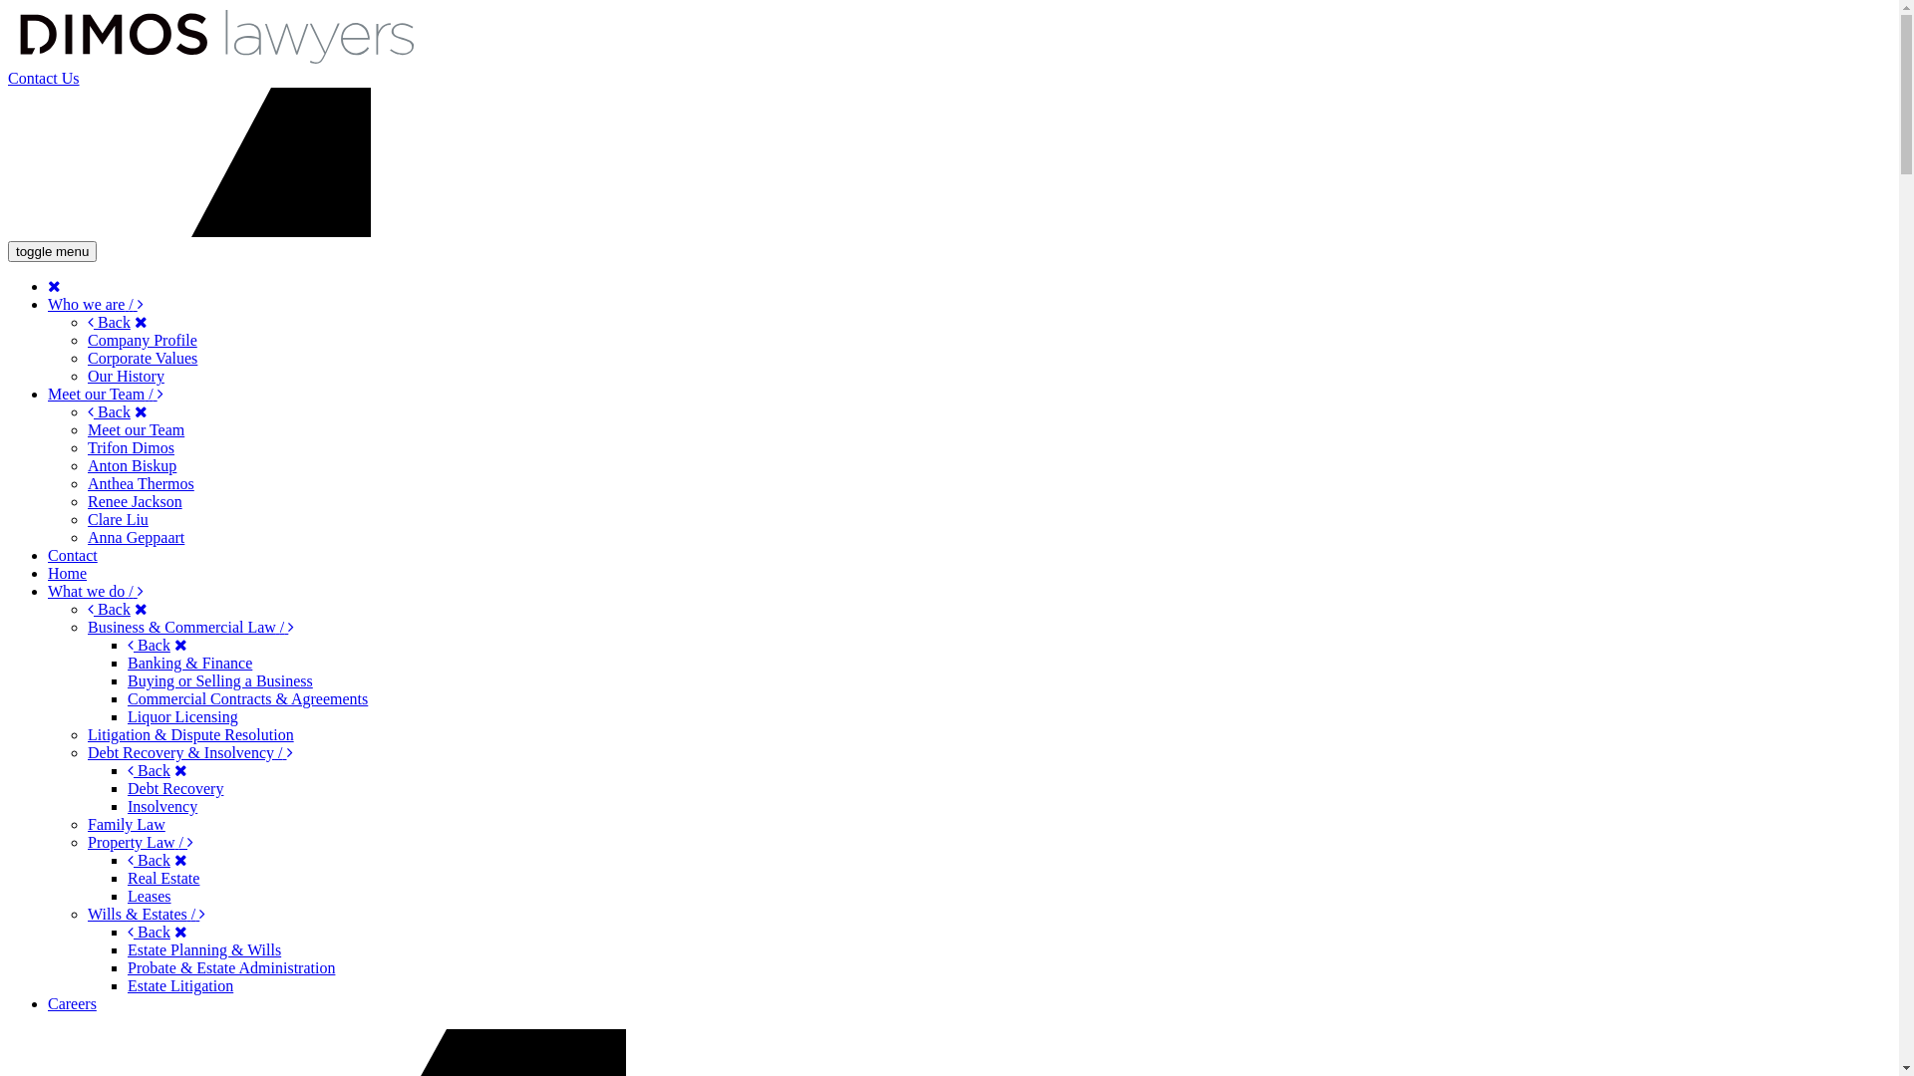 This screenshot has height=1076, width=1914. I want to click on 'Careers', so click(72, 1003).